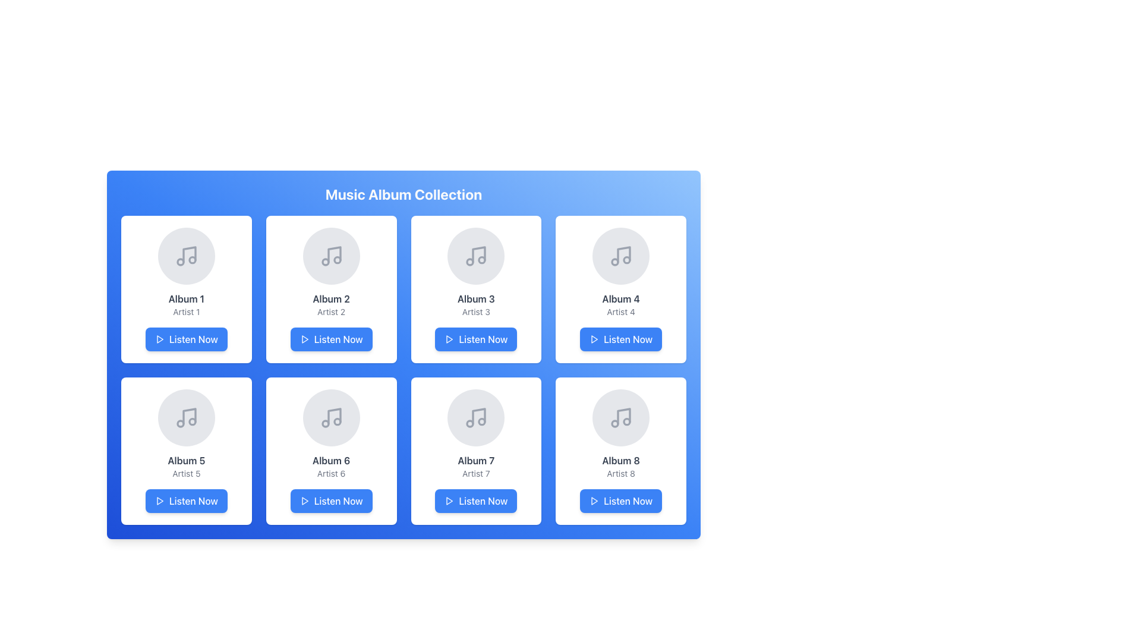  What do you see at coordinates (476, 256) in the screenshot?
I see `the circular music icon with a gray background located at the top-center section of the card for 'Album 3' and 'Artist 3'` at bounding box center [476, 256].